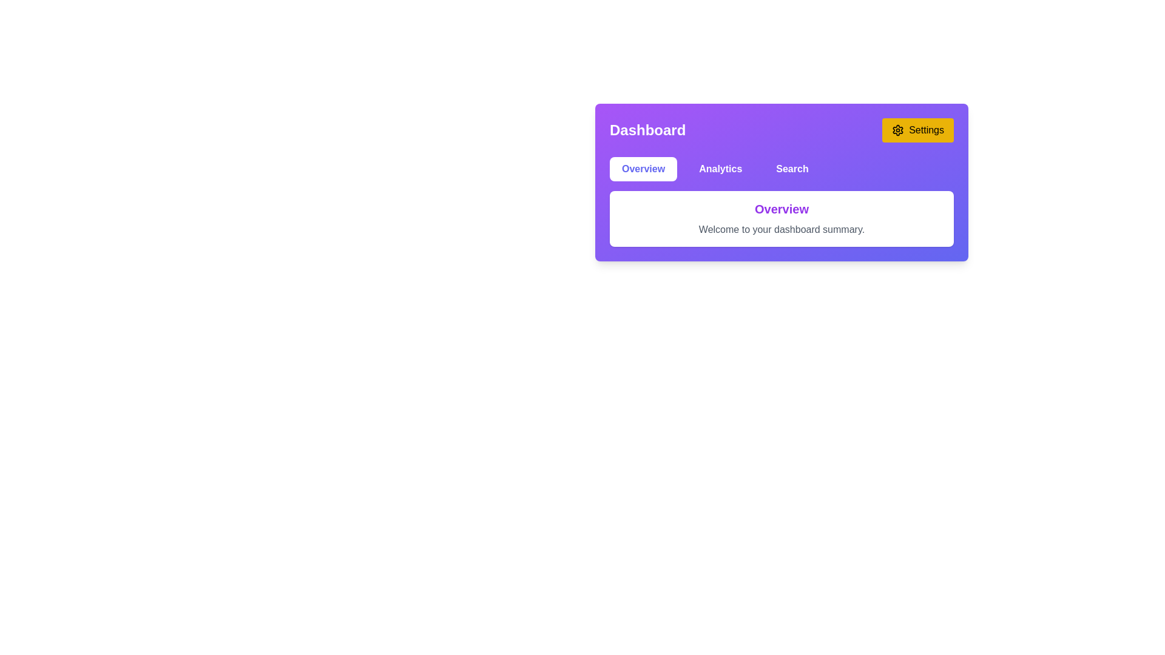 Image resolution: width=1165 pixels, height=655 pixels. Describe the element at coordinates (643, 169) in the screenshot. I see `the first button on the left in the navigation bar under the 'Dashboard' title` at that location.